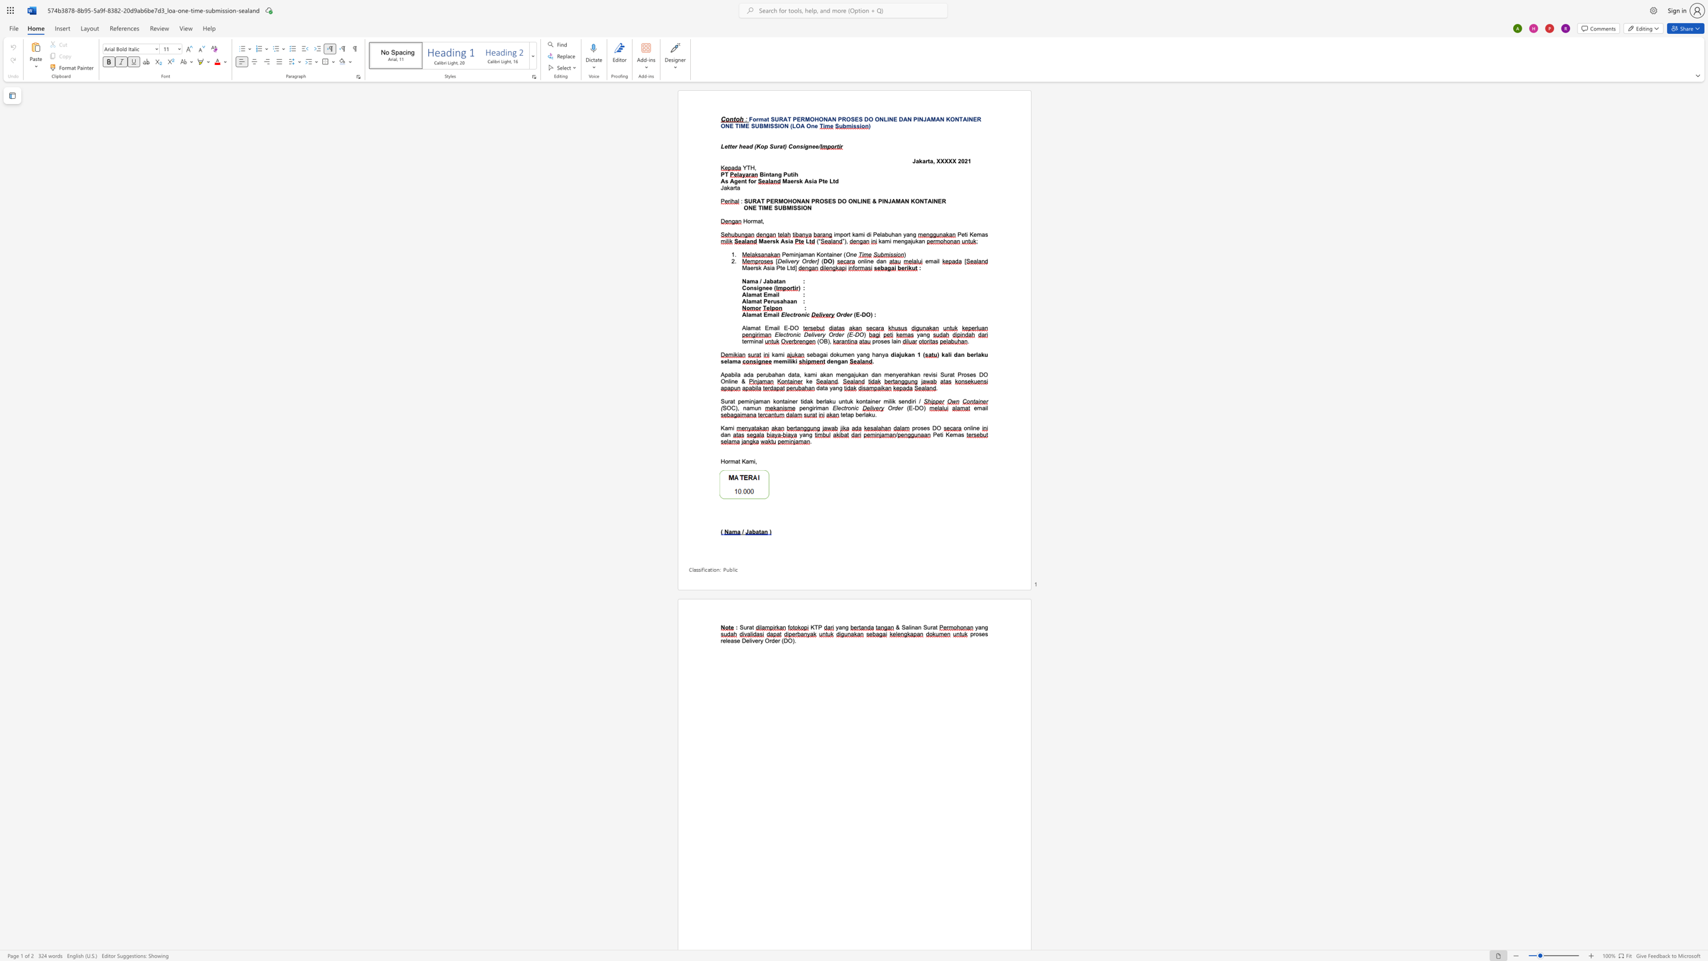 This screenshot has height=961, width=1708. I want to click on the subset text "at Ema" within the text "Alamat Email", so click(756, 294).